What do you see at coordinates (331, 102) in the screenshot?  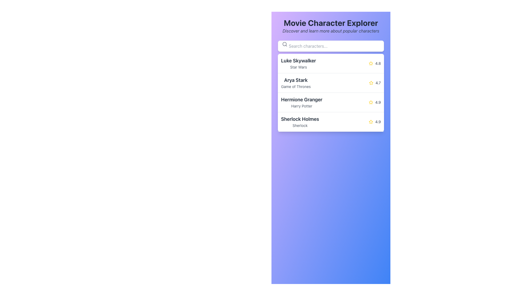 I see `the list item displaying 'Hermione Granger', which is the third item in the 'Movie Character Explorer' list` at bounding box center [331, 102].